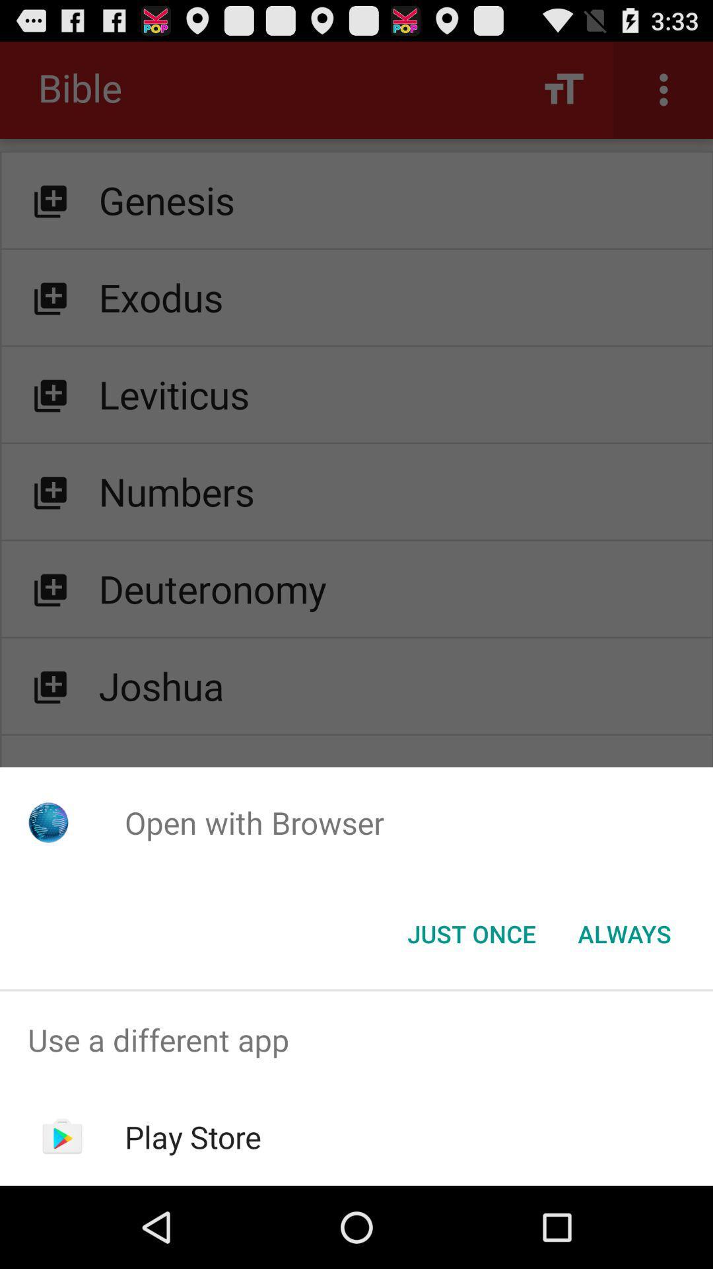 This screenshot has width=713, height=1269. Describe the element at coordinates (624, 933) in the screenshot. I see `the icon next to the just once` at that location.